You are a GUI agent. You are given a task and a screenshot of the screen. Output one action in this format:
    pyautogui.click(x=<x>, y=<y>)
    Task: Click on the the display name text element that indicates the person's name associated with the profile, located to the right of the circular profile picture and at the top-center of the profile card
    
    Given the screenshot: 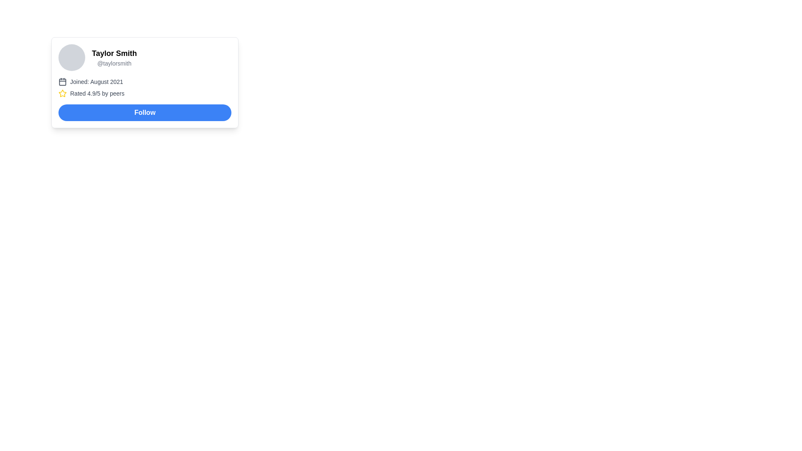 What is the action you would take?
    pyautogui.click(x=114, y=53)
    